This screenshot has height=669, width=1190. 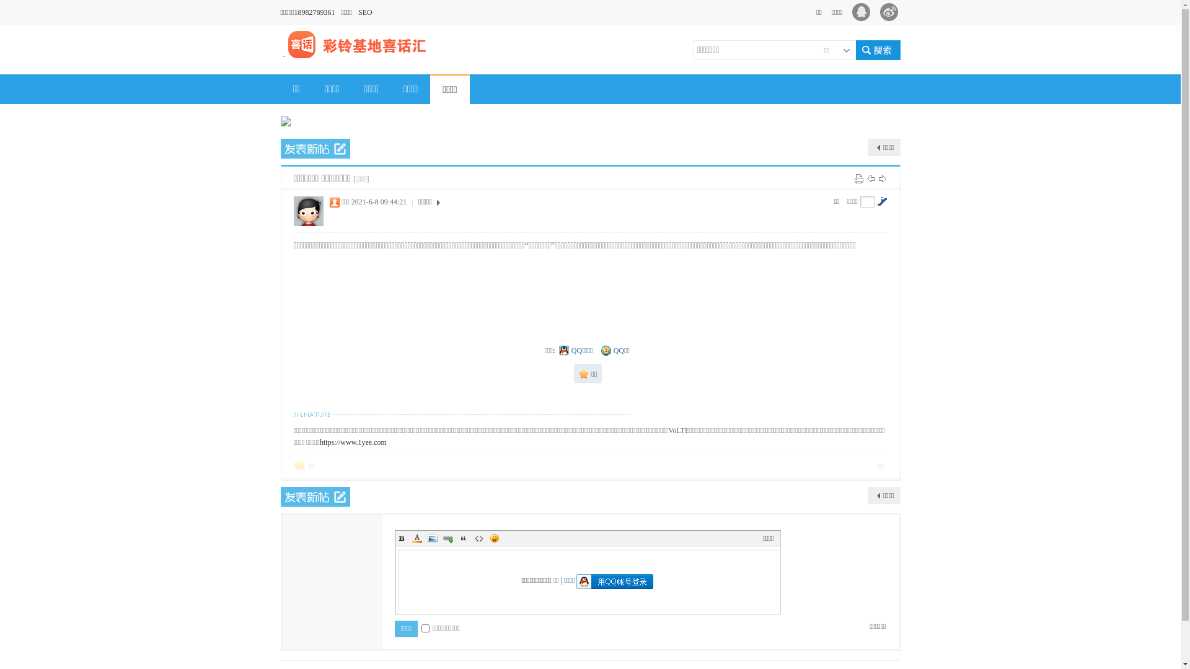 What do you see at coordinates (368, 12) in the screenshot?
I see `'SEO'` at bounding box center [368, 12].